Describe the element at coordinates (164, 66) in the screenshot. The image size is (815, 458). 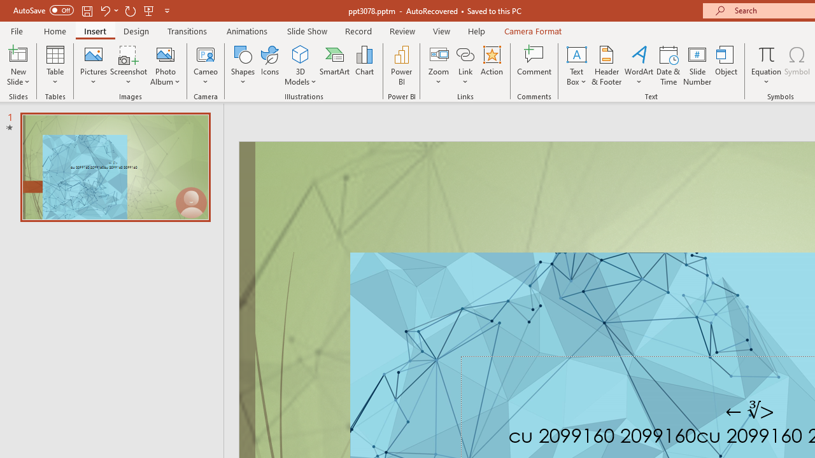
I see `'Photo Album...'` at that location.